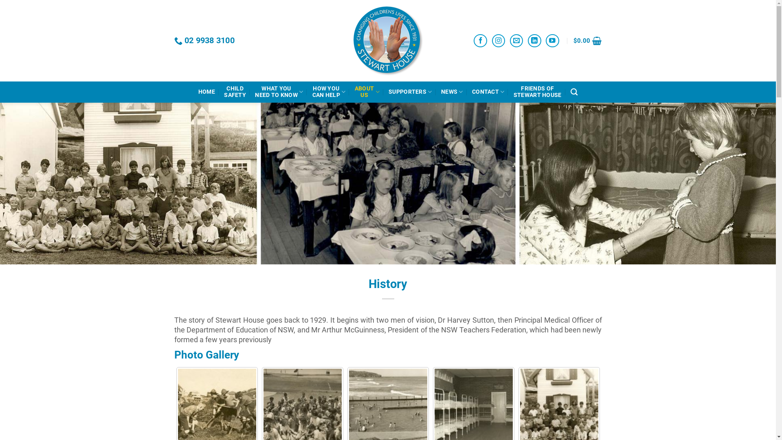 The width and height of the screenshot is (782, 440). Describe the element at coordinates (441, 92) in the screenshot. I see `'NEWS'` at that location.